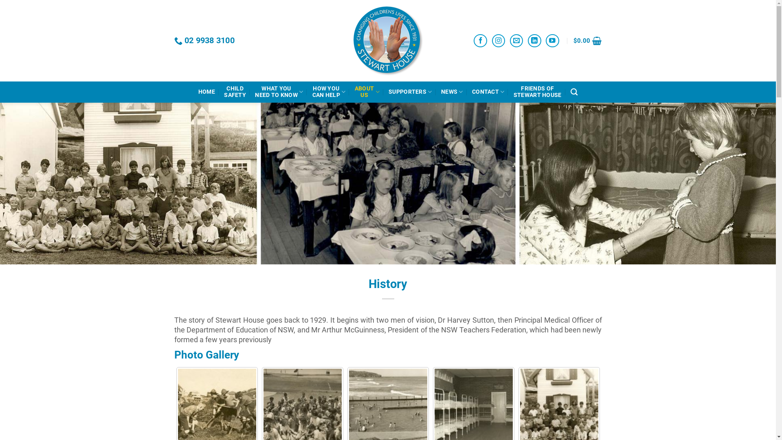 The width and height of the screenshot is (782, 440). Describe the element at coordinates (441, 92) in the screenshot. I see `'NEWS'` at that location.